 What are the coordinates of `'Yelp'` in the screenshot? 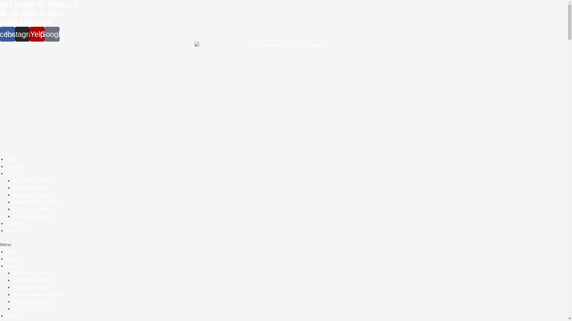 It's located at (37, 34).